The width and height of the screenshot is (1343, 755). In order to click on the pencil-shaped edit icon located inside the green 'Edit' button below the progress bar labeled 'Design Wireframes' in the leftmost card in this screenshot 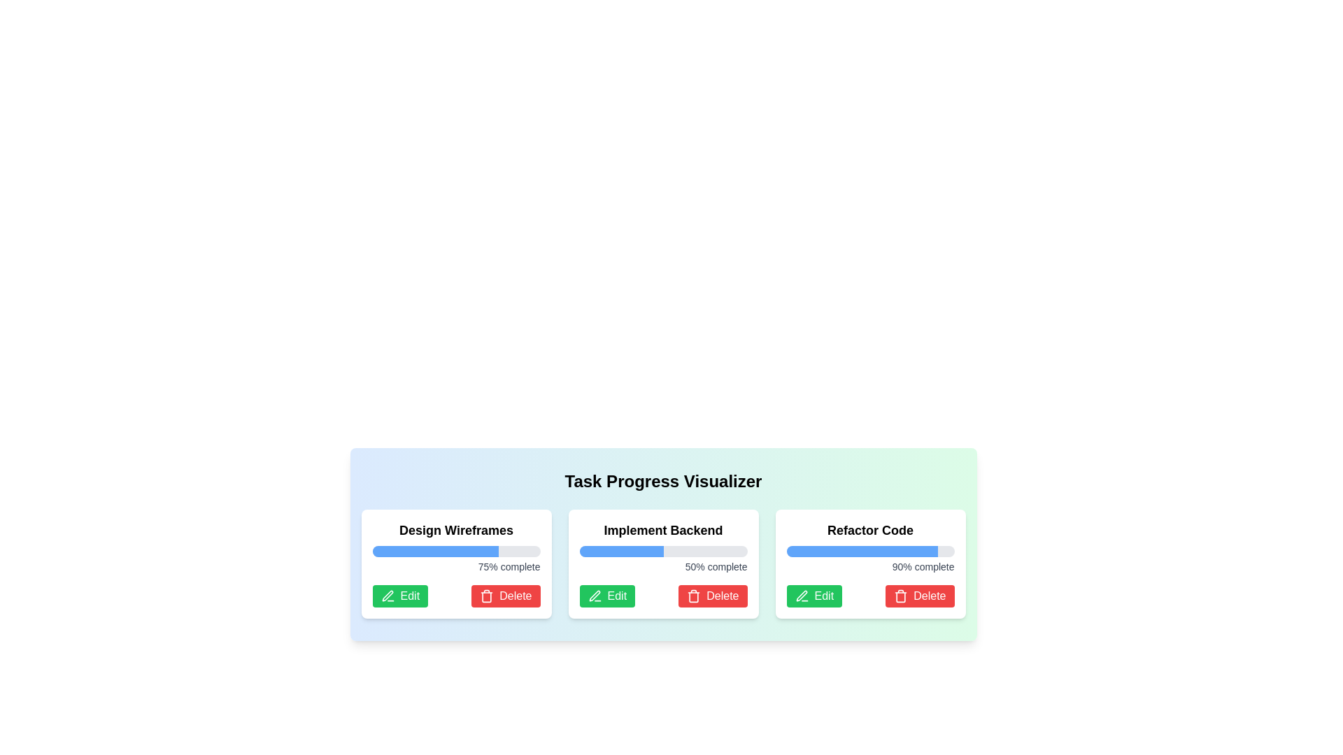, I will do `click(388, 596)`.